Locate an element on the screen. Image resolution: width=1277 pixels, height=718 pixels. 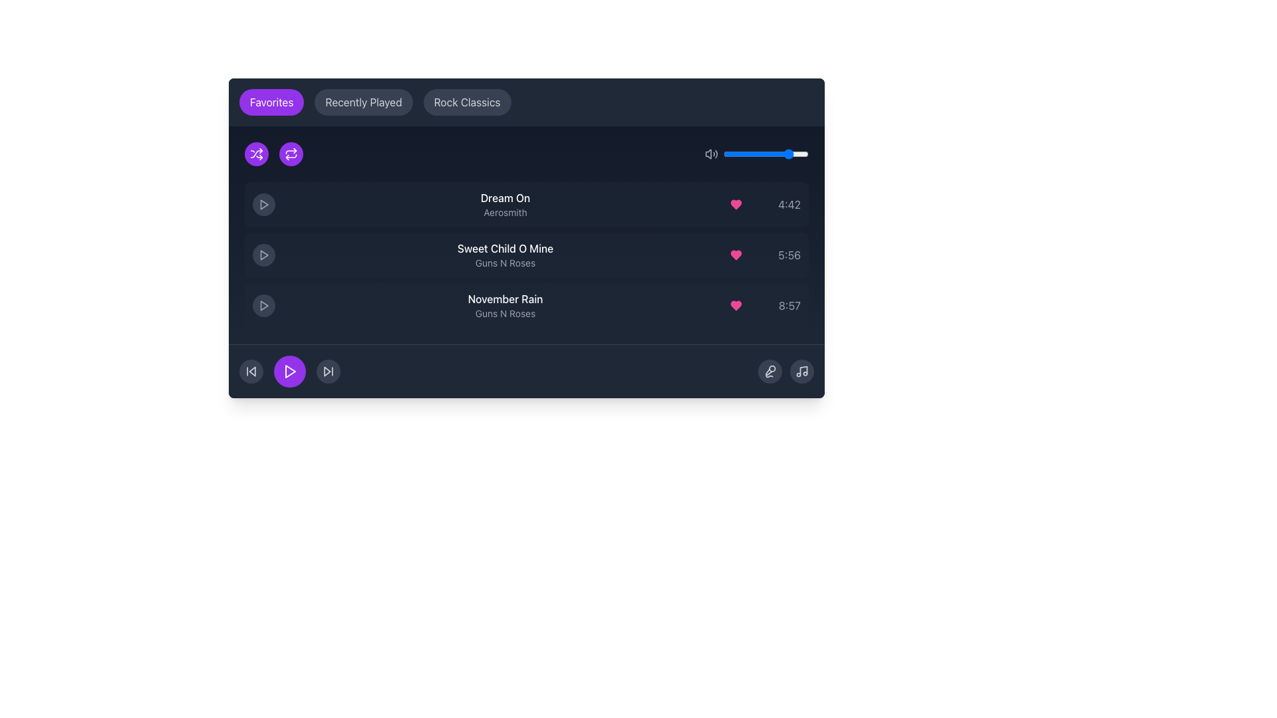
the 'Favorites' button, which has white text on a rounded purple background is located at coordinates (271, 102).